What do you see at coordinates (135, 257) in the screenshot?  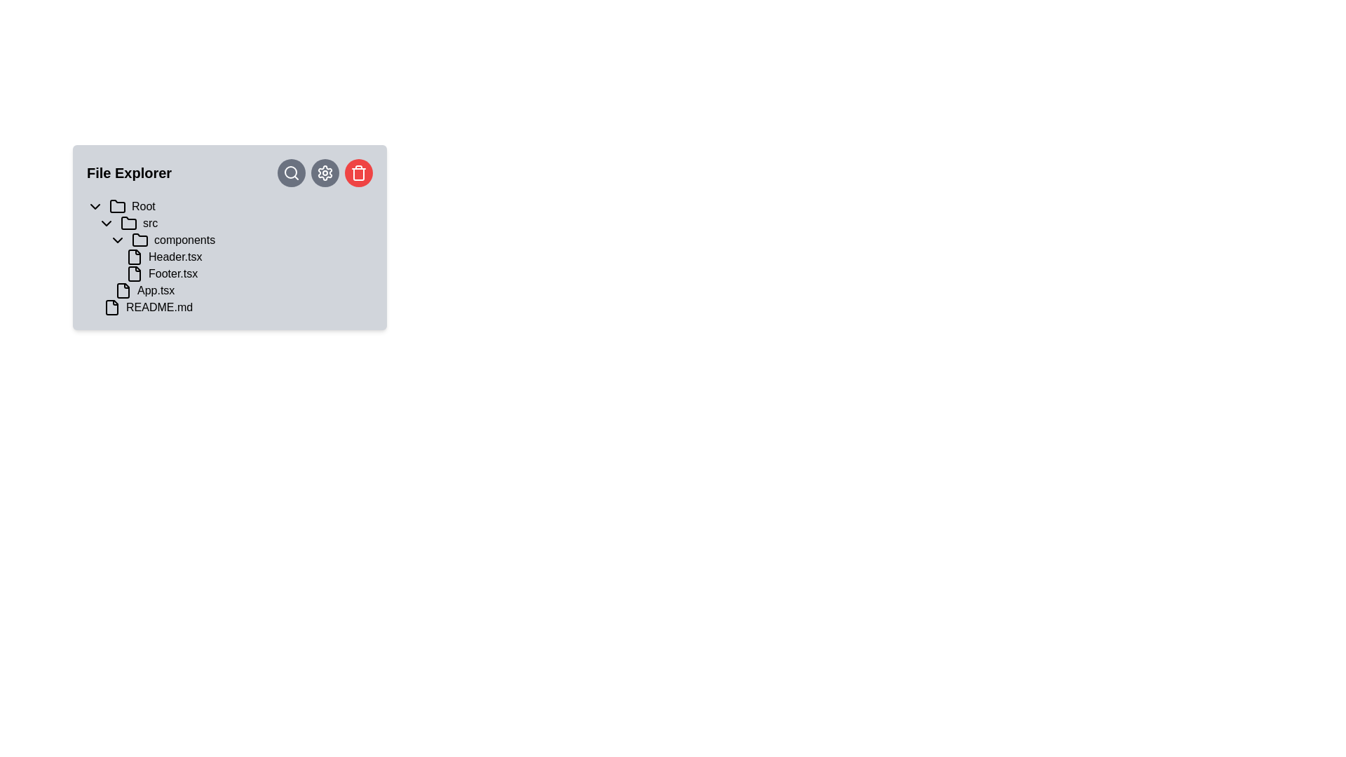 I see `the document icon next` at bounding box center [135, 257].